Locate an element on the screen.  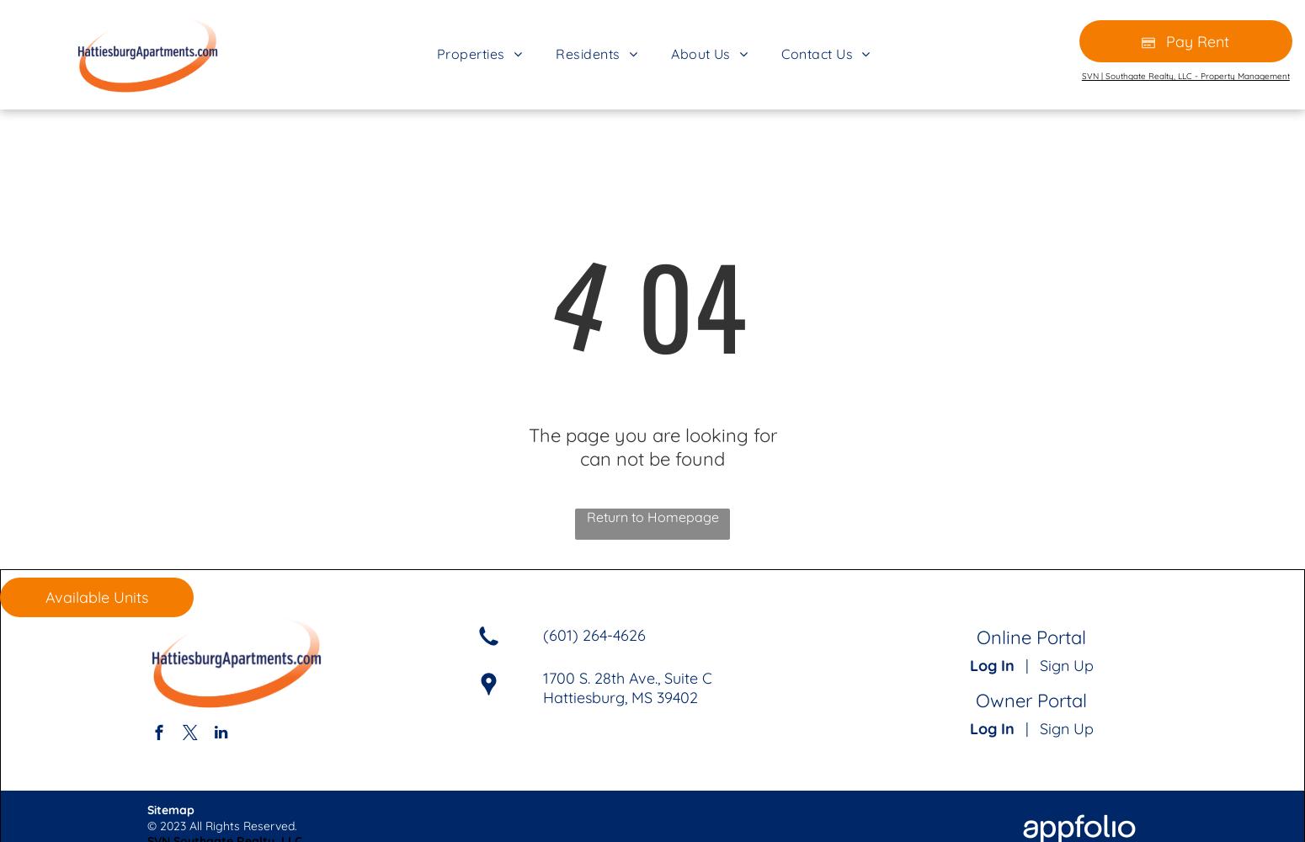
'Multifamily Investors' is located at coordinates (734, 162).